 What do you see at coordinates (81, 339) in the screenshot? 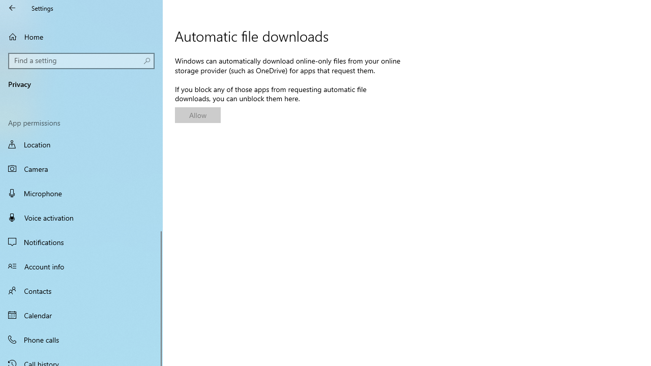
I see `'Phone calls'` at bounding box center [81, 339].